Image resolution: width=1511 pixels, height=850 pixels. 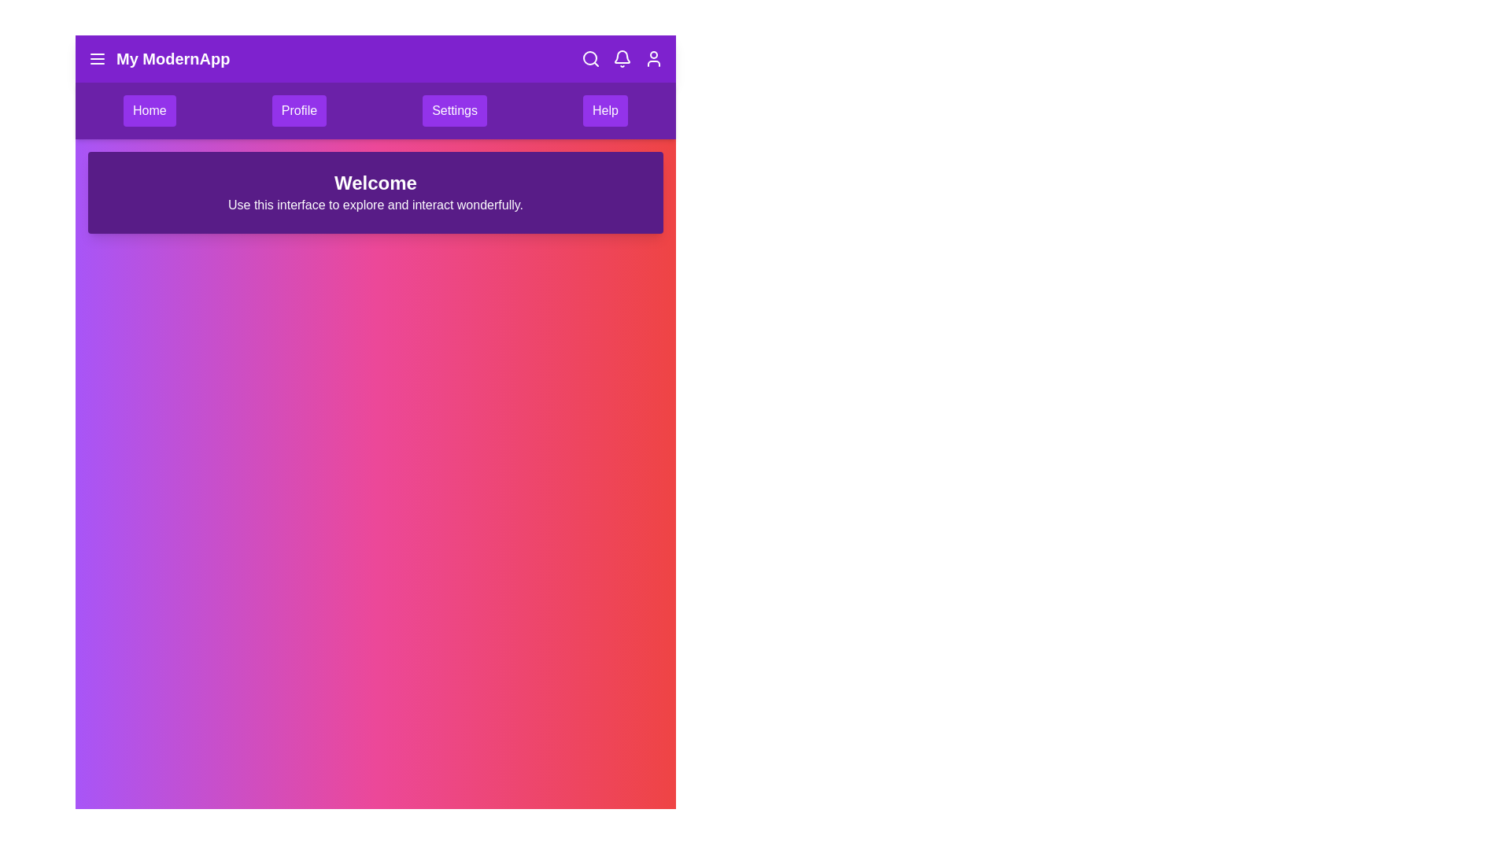 What do you see at coordinates (150, 110) in the screenshot?
I see `the menu item labeled Home to navigate to the corresponding section` at bounding box center [150, 110].